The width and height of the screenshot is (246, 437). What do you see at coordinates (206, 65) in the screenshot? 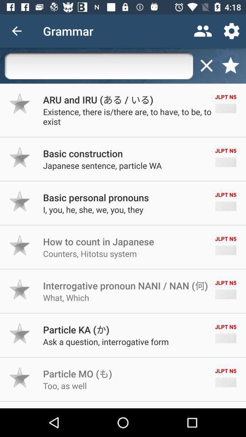
I see `the close icon` at bounding box center [206, 65].